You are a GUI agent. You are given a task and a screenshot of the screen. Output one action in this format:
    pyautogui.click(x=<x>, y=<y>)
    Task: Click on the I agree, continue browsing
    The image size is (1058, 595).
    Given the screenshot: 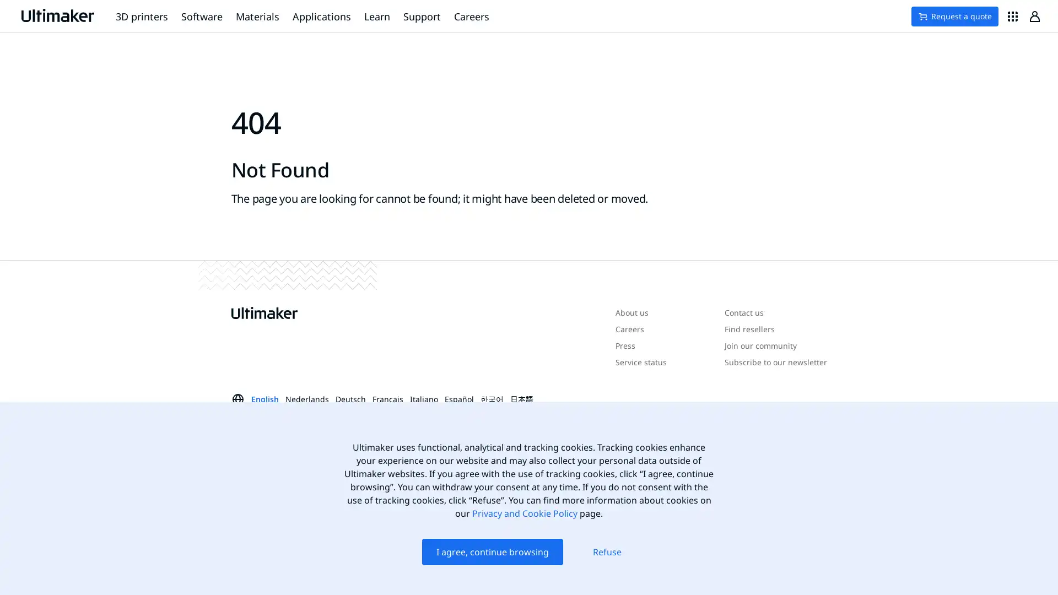 What is the action you would take?
    pyautogui.click(x=491, y=552)
    